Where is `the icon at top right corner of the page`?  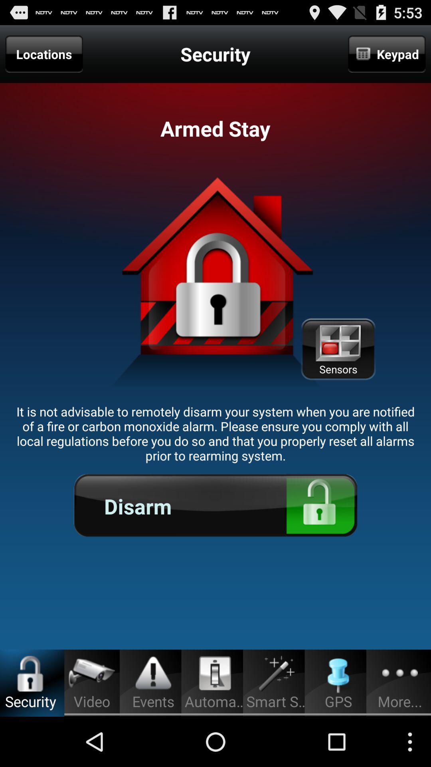
the icon at top right corner of the page is located at coordinates (386, 54).